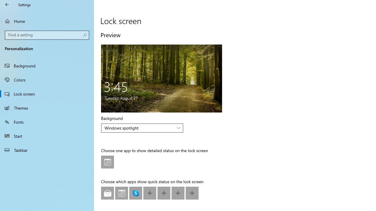  I want to click on 'Windows spotlight', so click(139, 127).